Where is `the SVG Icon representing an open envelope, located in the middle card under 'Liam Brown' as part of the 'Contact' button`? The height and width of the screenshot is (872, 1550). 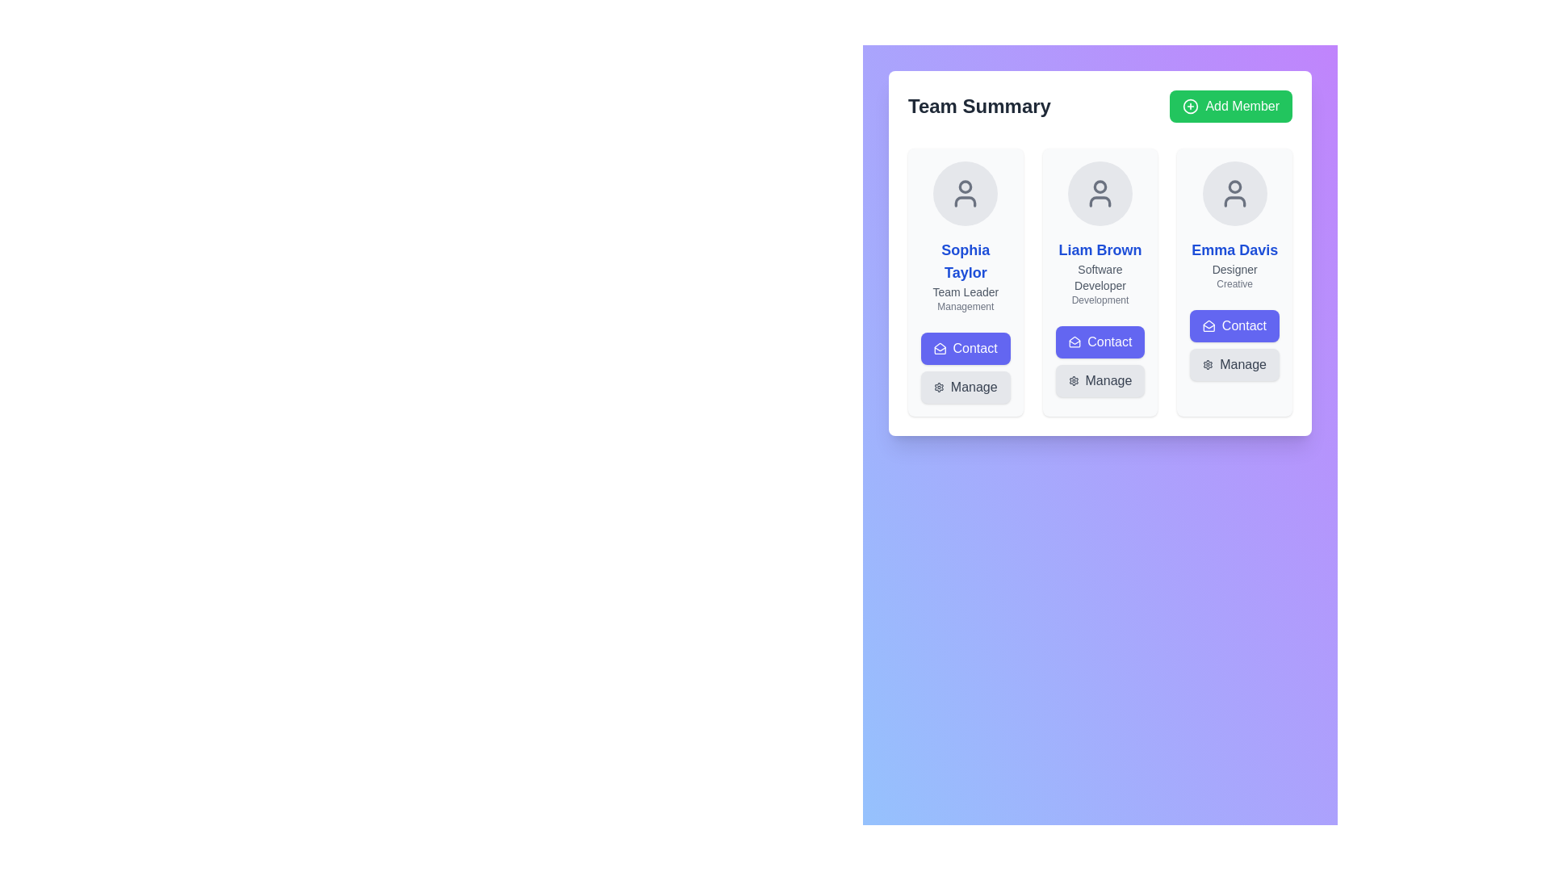
the SVG Icon representing an open envelope, located in the middle card under 'Liam Brown' as part of the 'Contact' button is located at coordinates (1075, 342).